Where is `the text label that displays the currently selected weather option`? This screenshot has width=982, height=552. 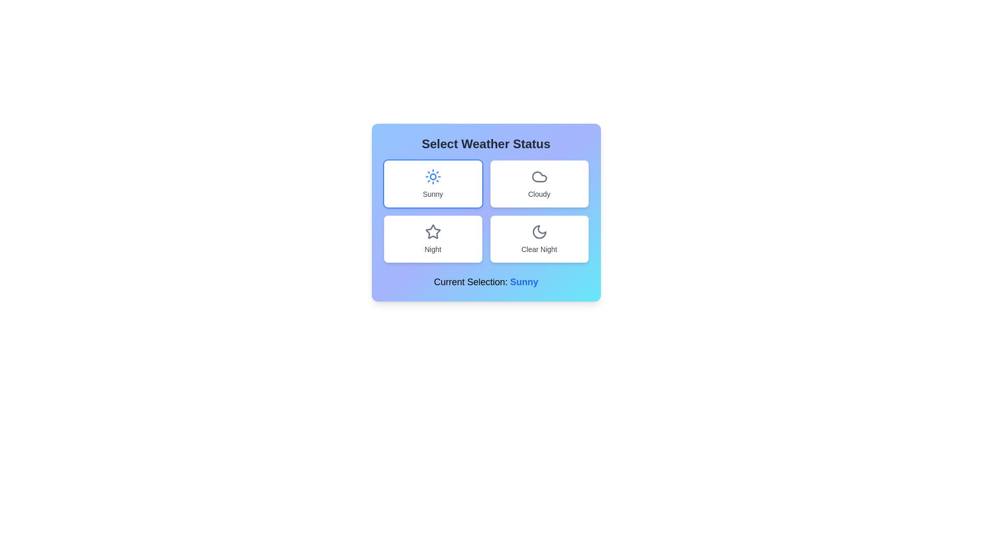 the text label that displays the currently selected weather option is located at coordinates (485, 282).